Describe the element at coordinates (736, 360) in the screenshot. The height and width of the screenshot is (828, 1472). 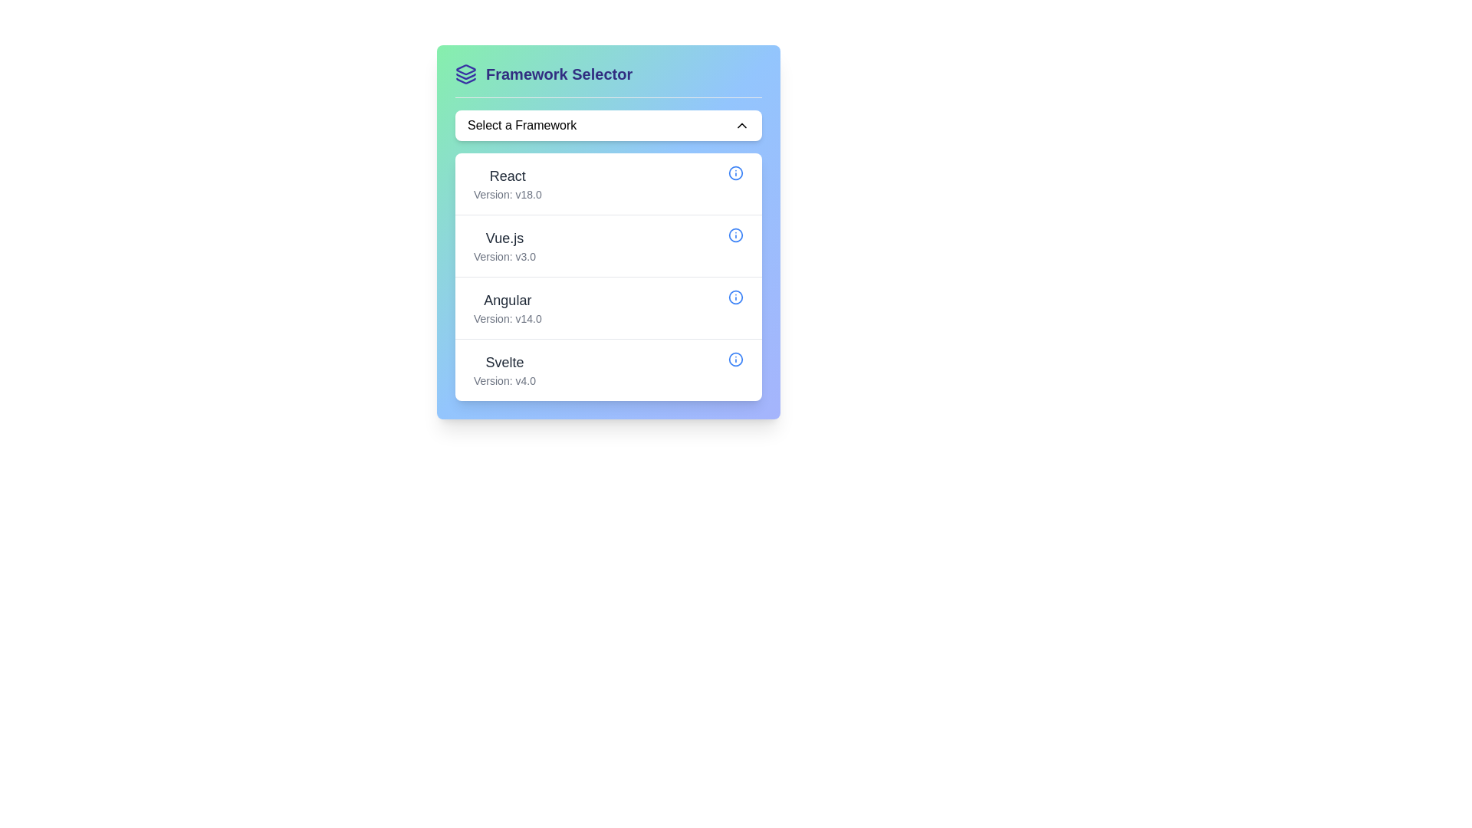
I see `the circular blue outlined icon located at the far-right side of the 'Svelte' row under the 'Framework Selector' list` at that location.